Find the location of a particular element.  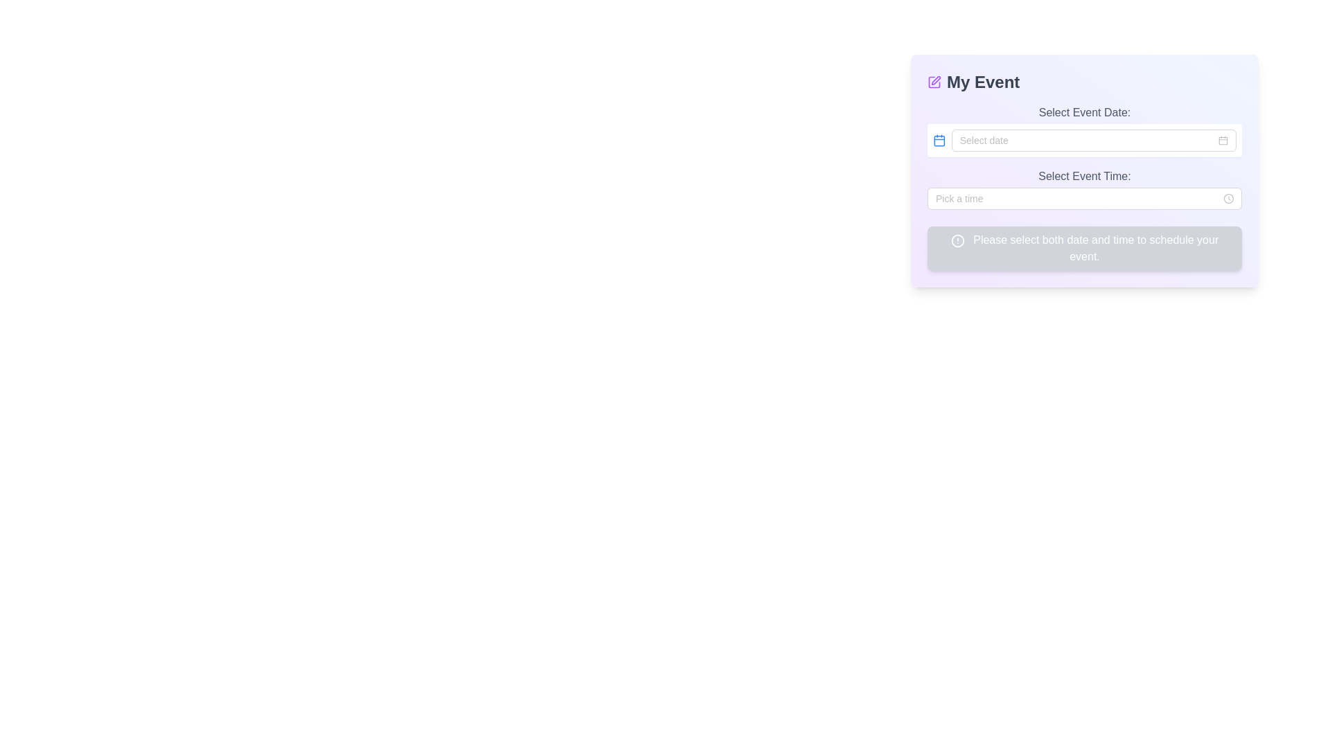

the Date Picker Input Field located below 'Select Event Date:' and above 'Select Event Time' is located at coordinates (1083, 131).